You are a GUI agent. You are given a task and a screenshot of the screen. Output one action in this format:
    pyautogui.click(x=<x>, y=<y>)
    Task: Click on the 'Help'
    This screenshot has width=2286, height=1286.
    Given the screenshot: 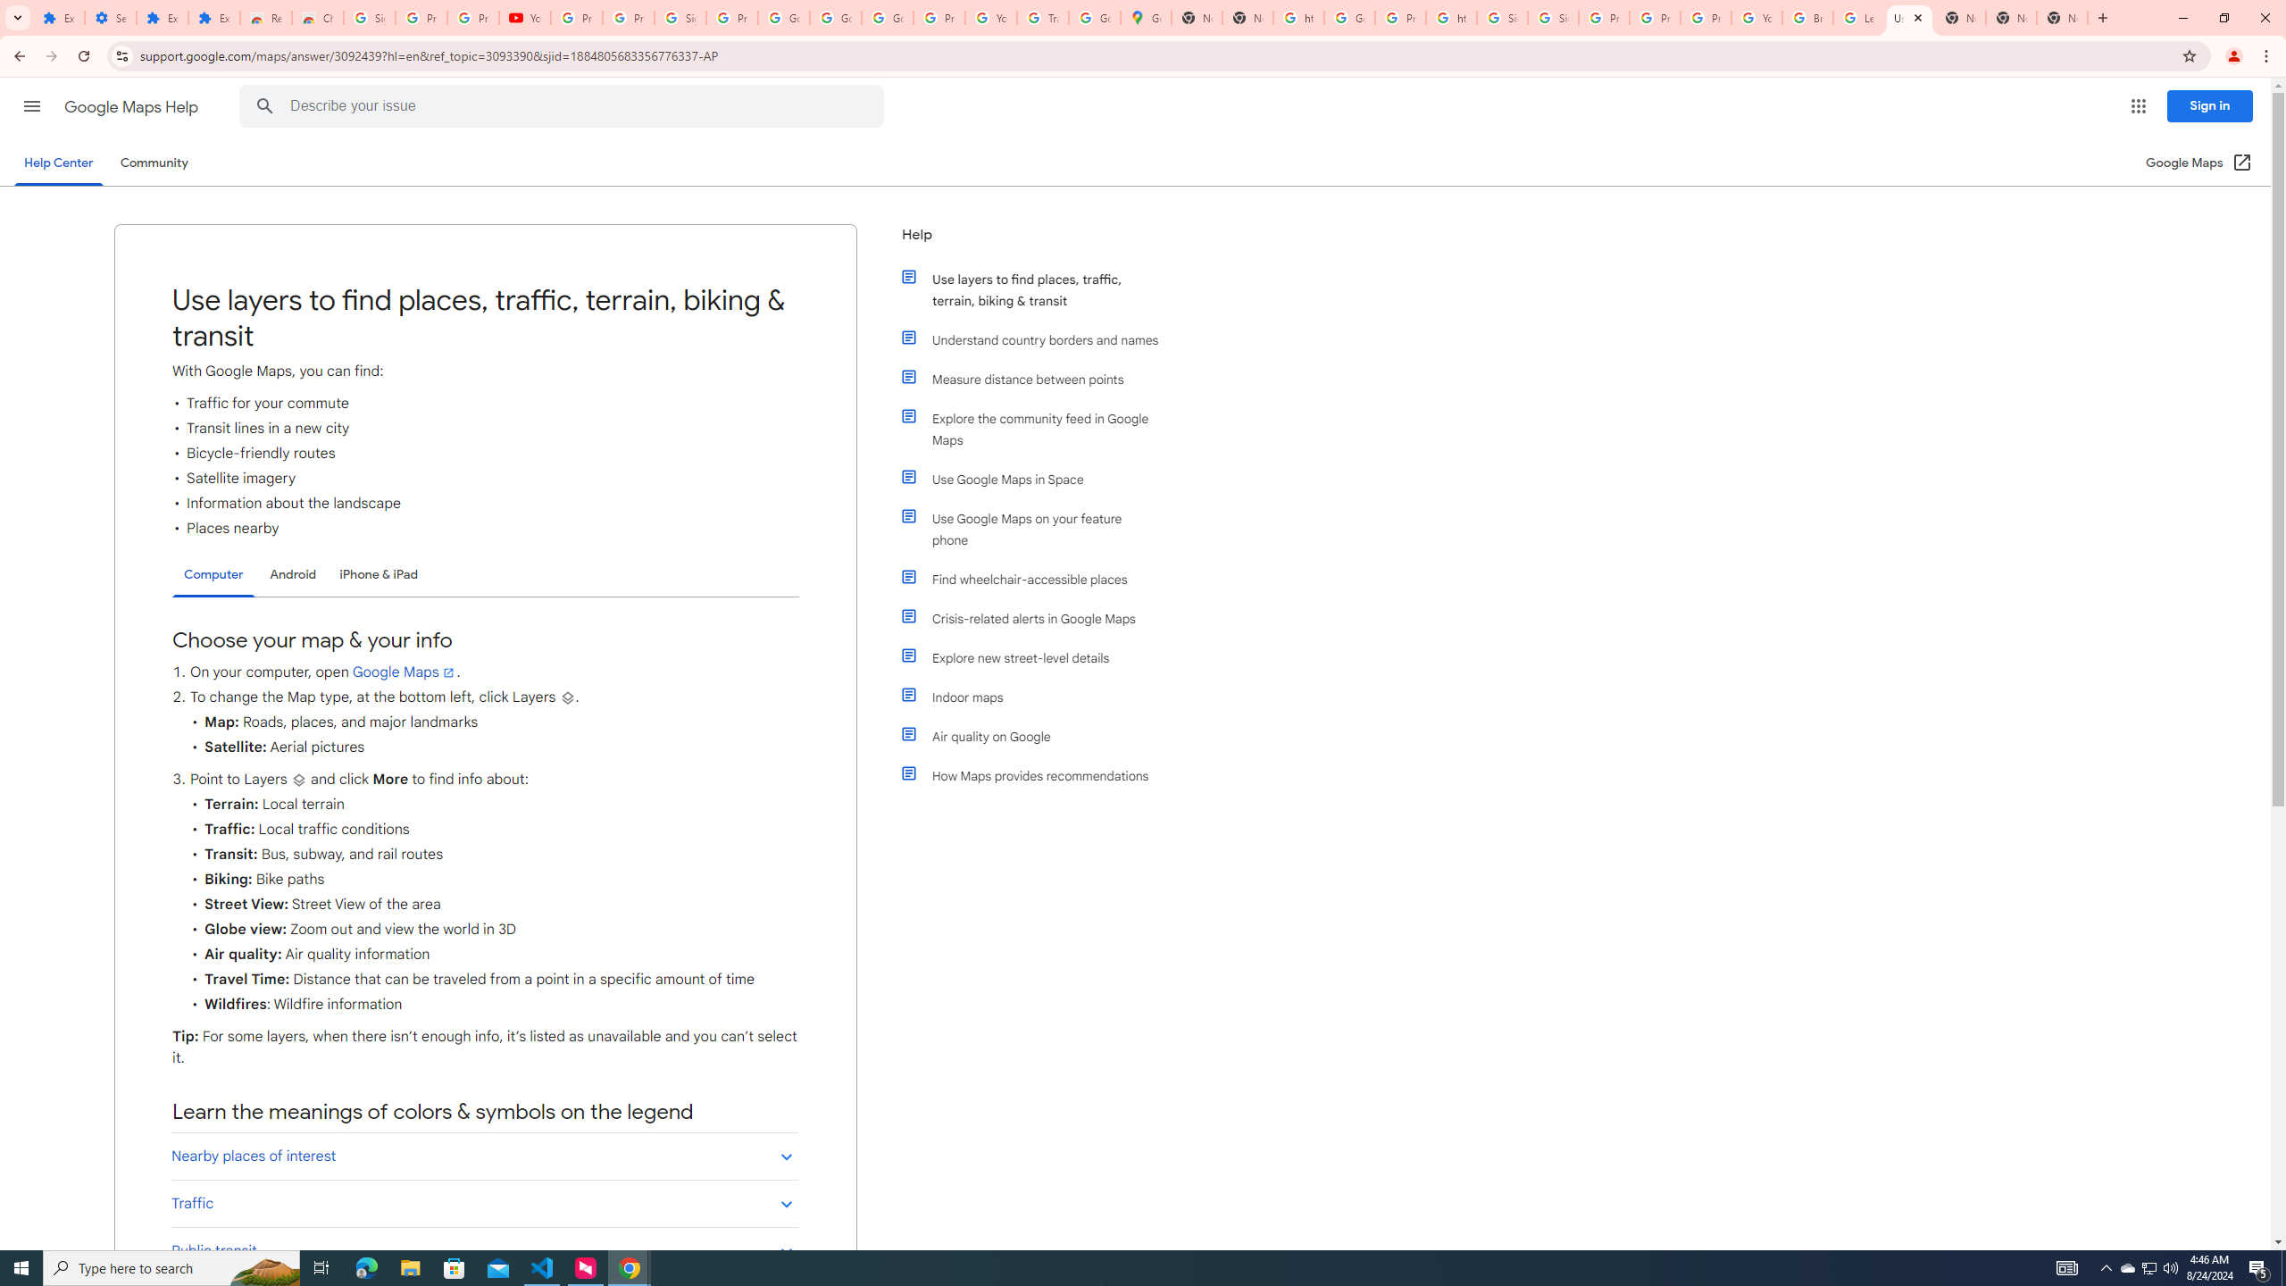 What is the action you would take?
    pyautogui.click(x=1030, y=240)
    